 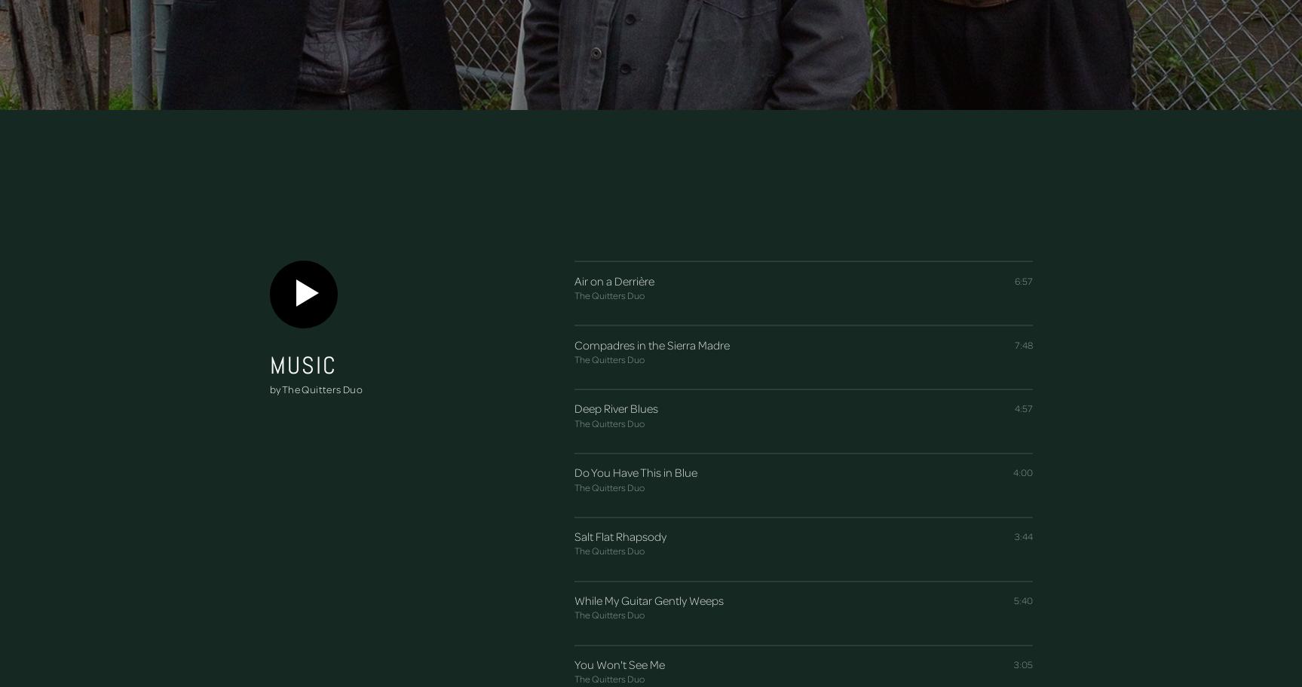 I want to click on '4:57', so click(x=1013, y=408).